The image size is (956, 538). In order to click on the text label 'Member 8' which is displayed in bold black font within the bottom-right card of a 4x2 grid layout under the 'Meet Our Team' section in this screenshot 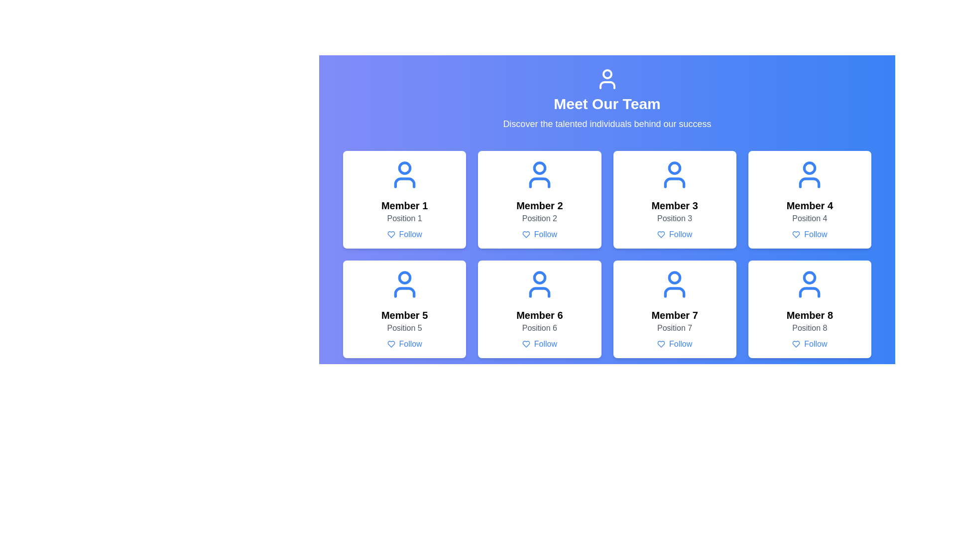, I will do `click(810, 315)`.